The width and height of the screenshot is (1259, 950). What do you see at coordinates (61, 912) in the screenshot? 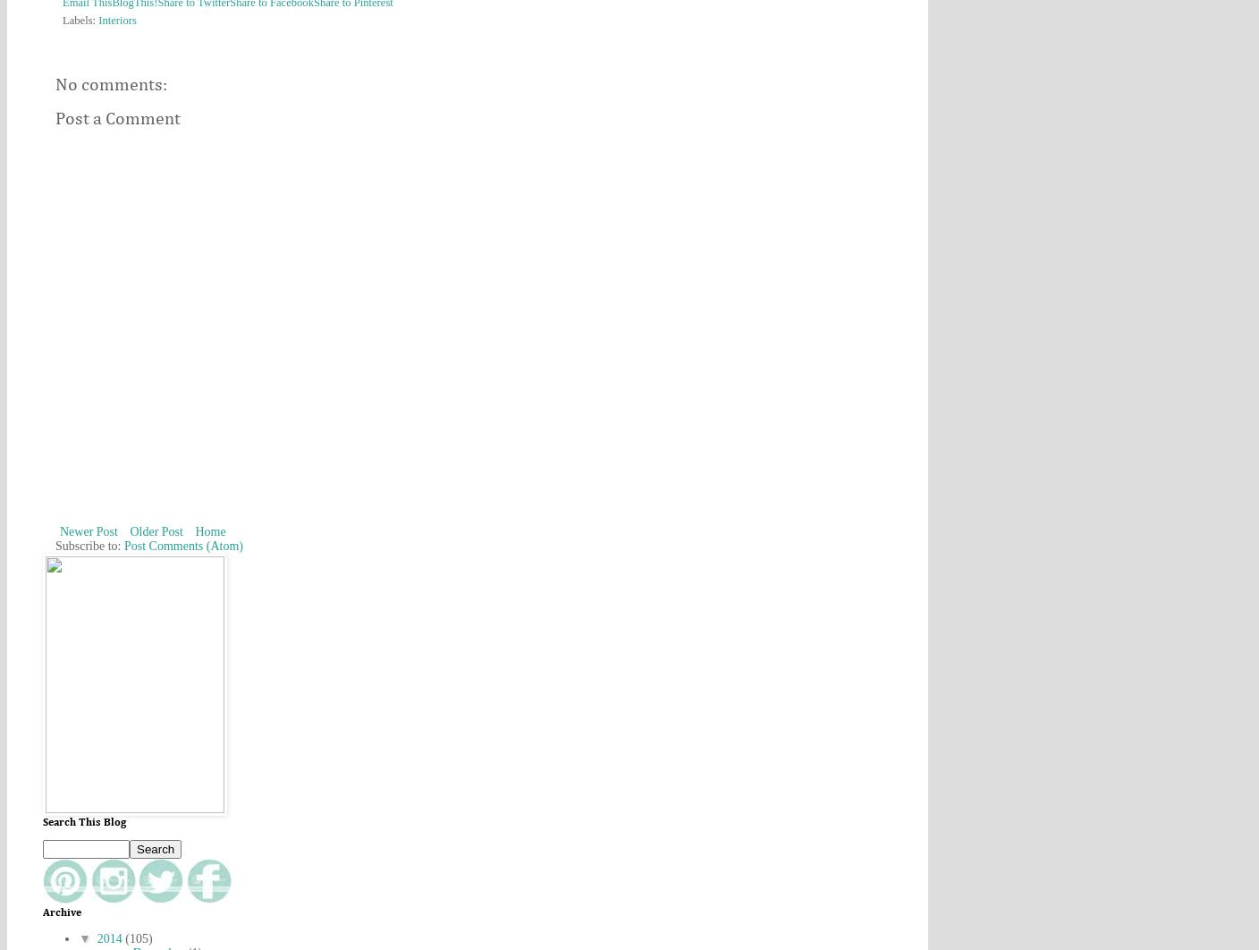
I see `'Archive'` at bounding box center [61, 912].